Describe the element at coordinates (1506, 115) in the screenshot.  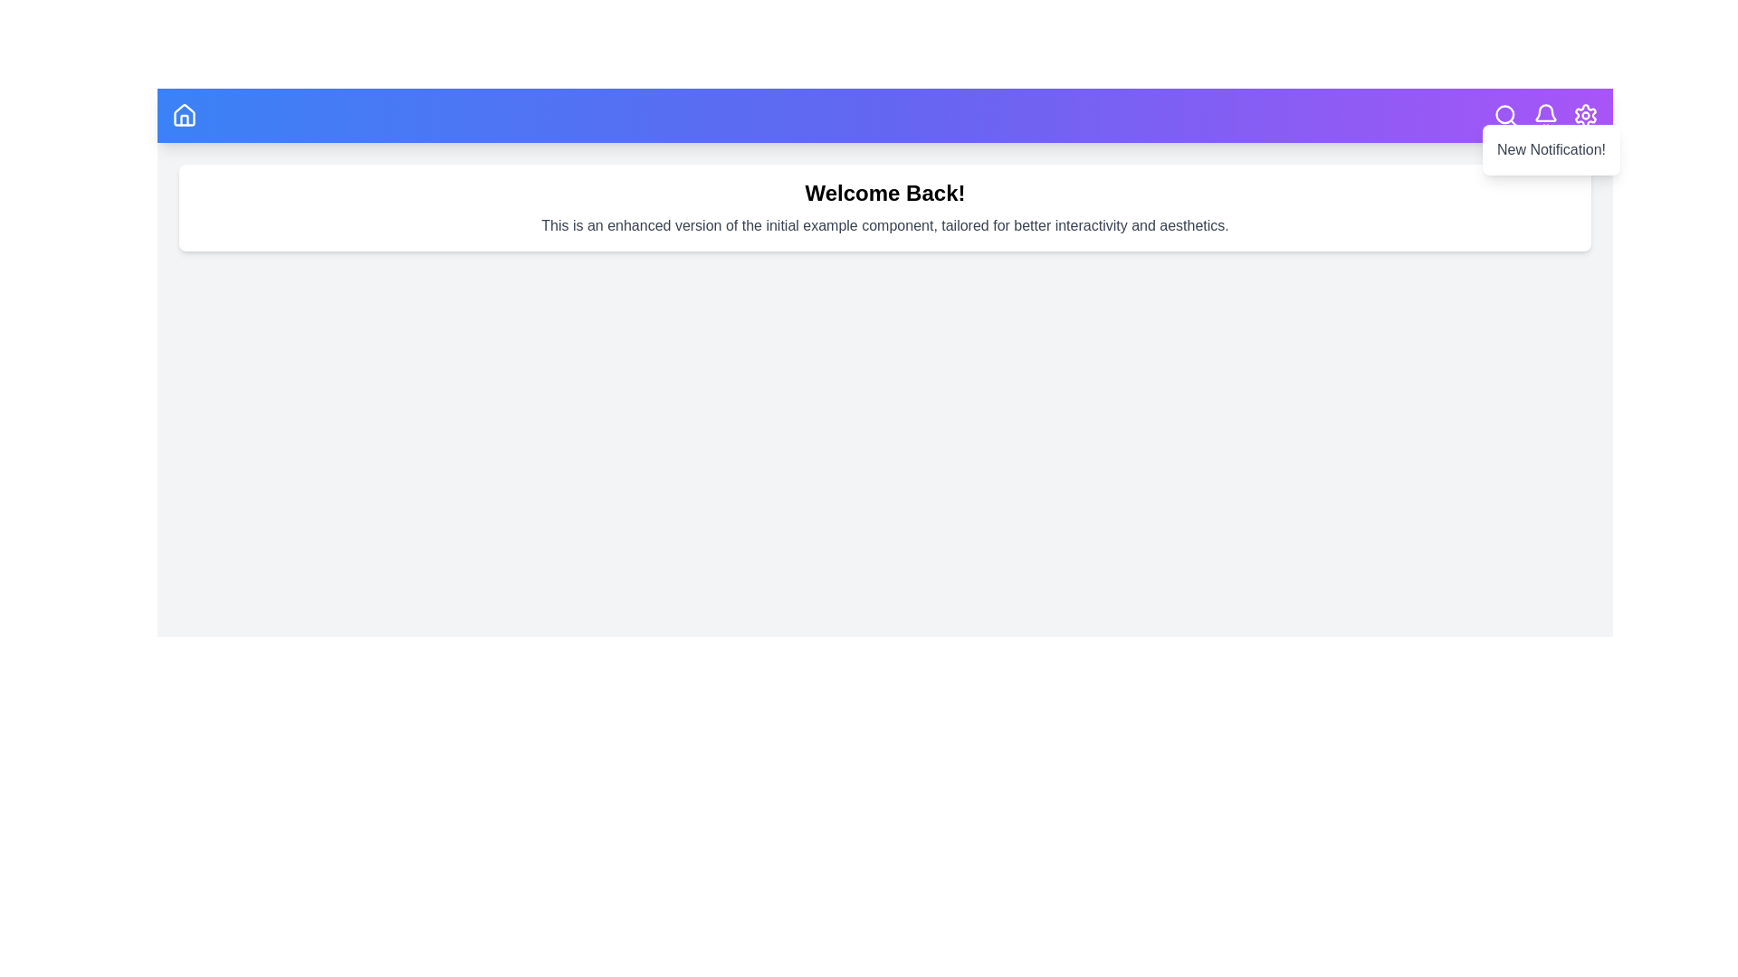
I see `the search icon in the app bar` at that location.